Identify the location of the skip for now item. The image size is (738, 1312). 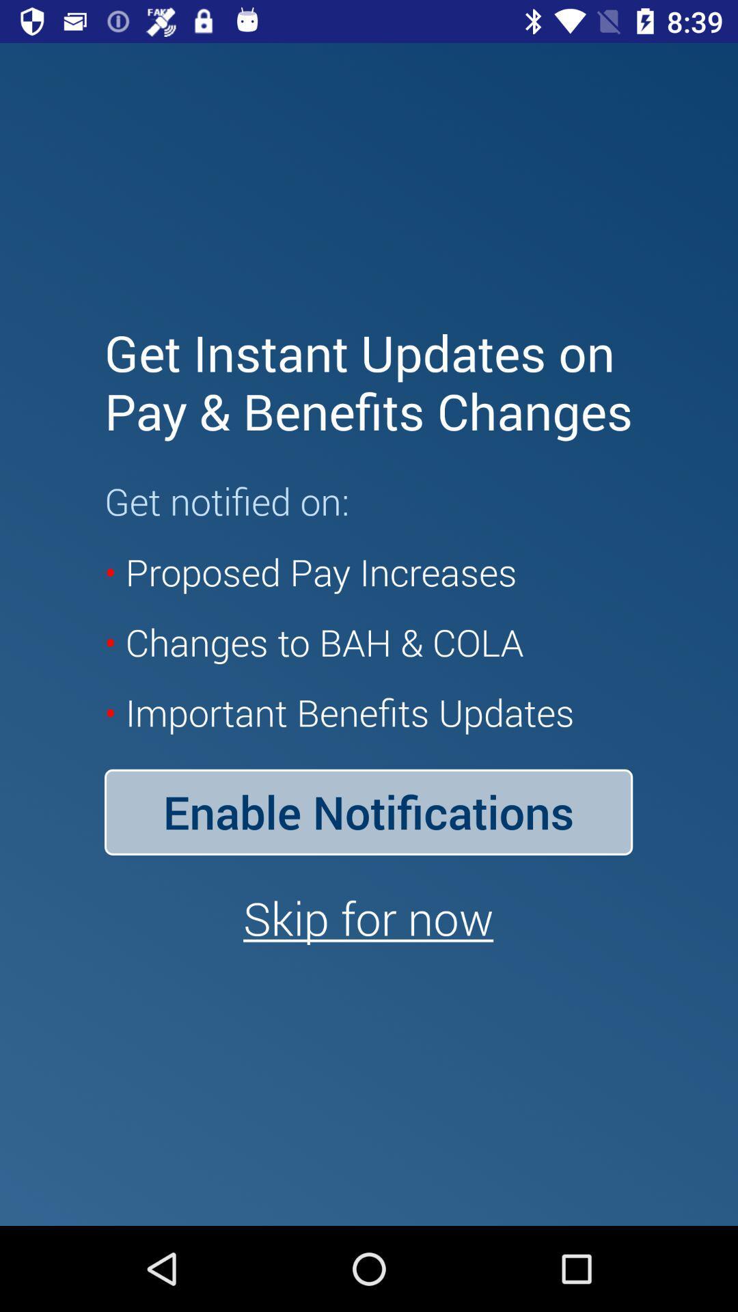
(368, 918).